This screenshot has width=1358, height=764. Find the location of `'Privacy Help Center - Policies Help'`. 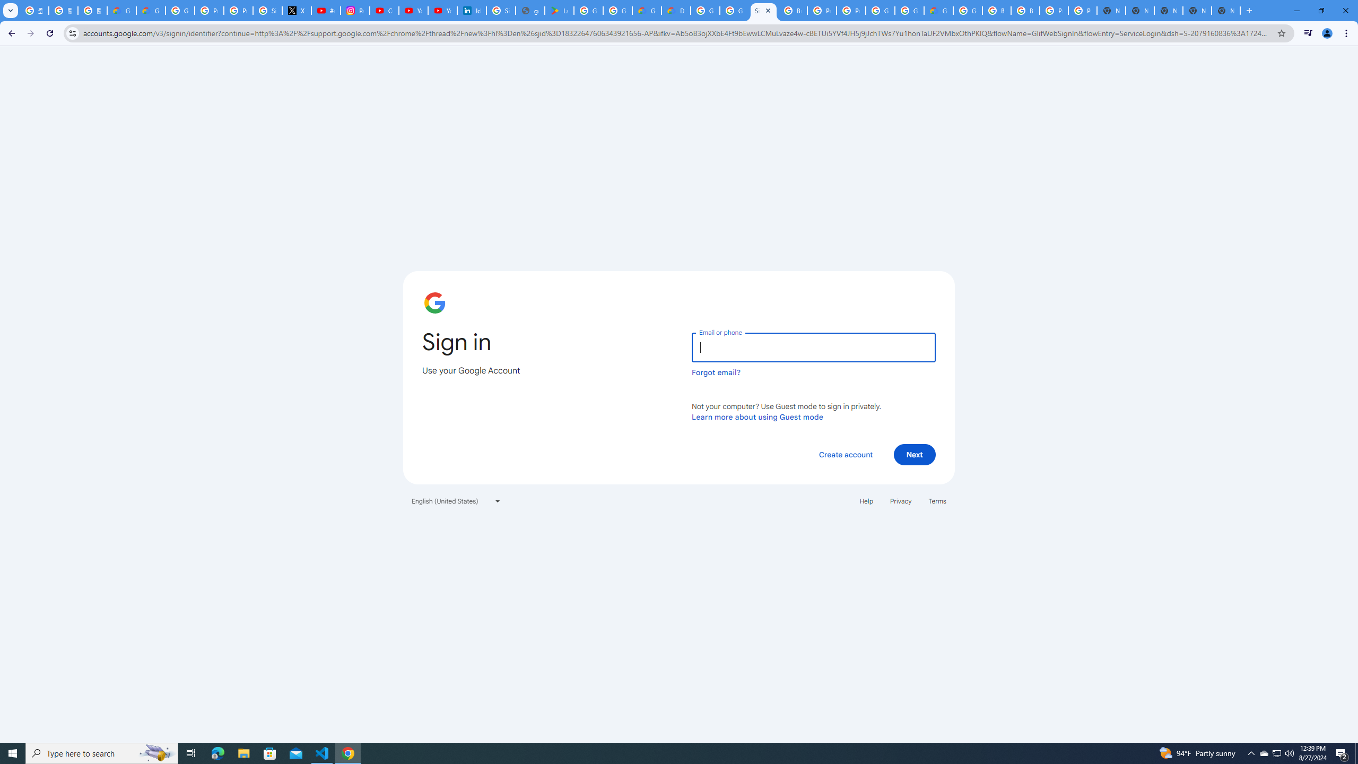

'Privacy Help Center - Policies Help' is located at coordinates (238, 10).